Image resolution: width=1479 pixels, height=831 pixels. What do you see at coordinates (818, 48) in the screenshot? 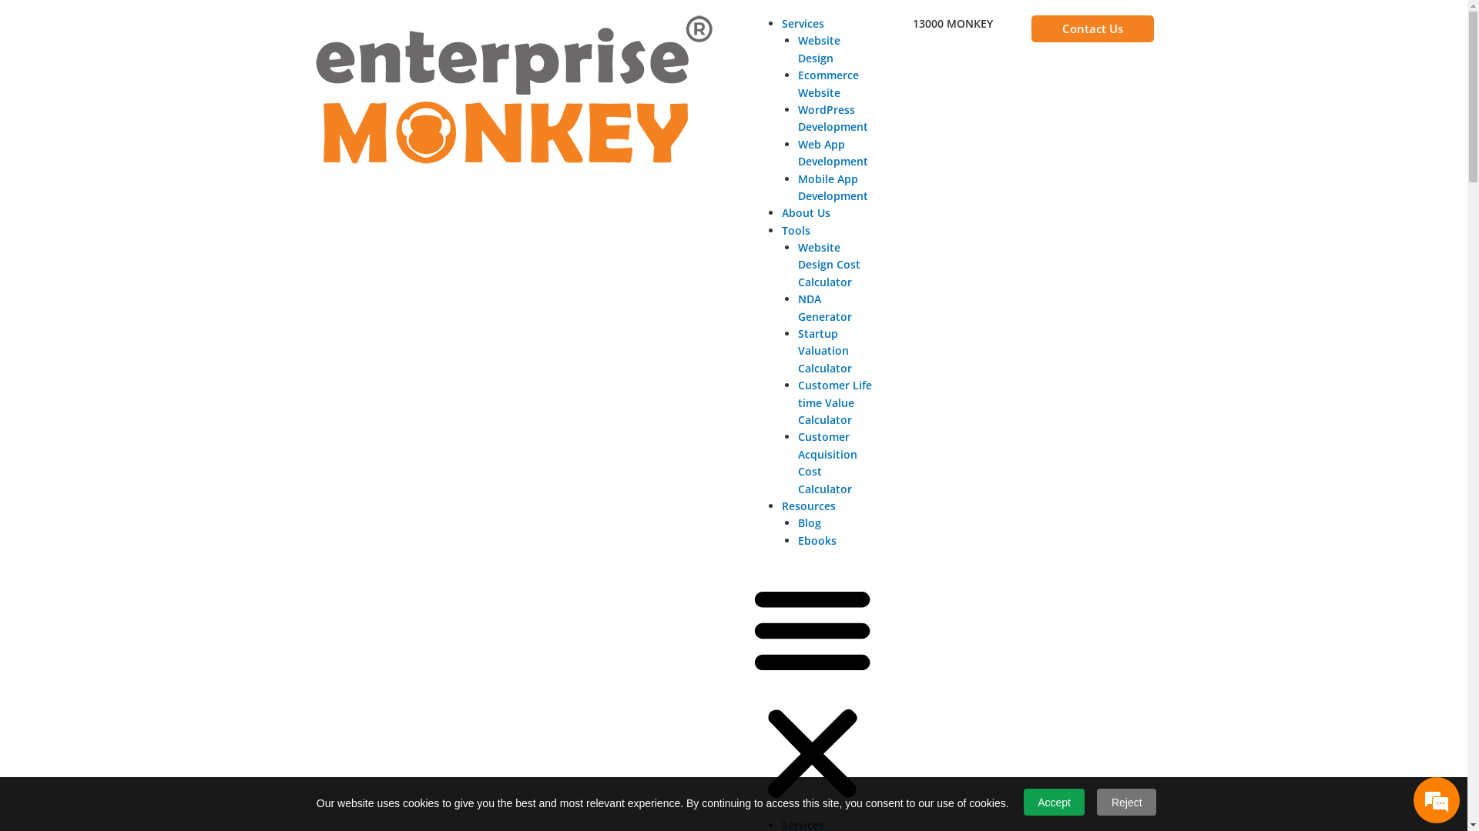
I see `'Website Design'` at bounding box center [818, 48].